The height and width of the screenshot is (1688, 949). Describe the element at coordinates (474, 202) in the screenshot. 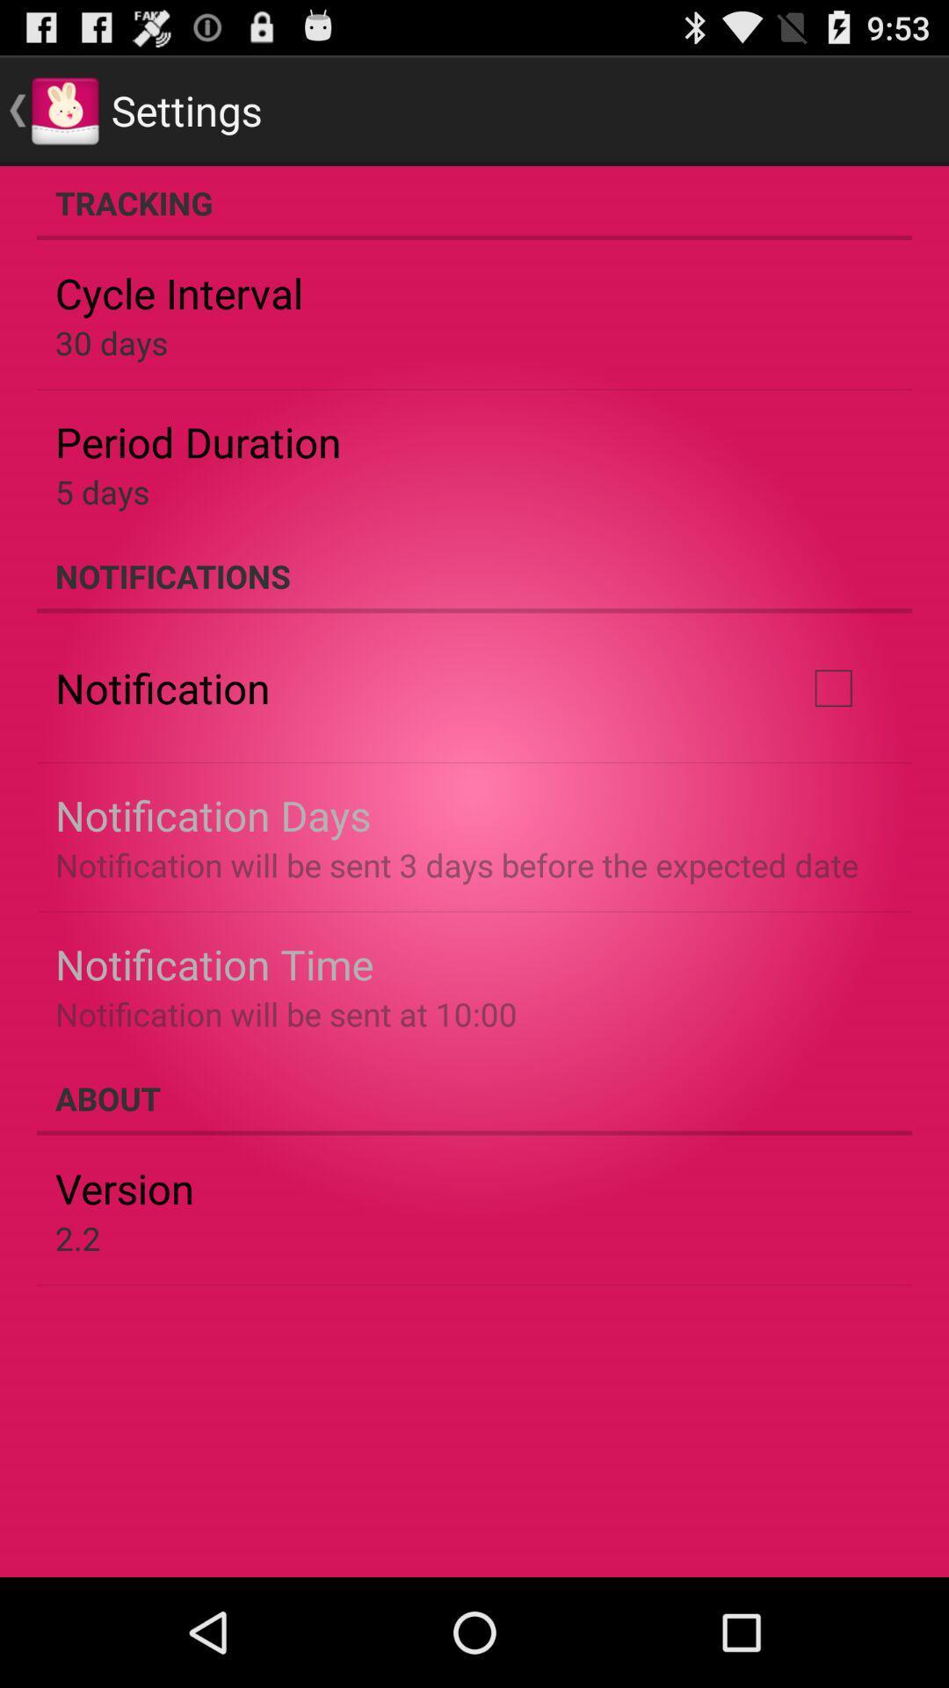

I see `item above the cycle interval item` at that location.